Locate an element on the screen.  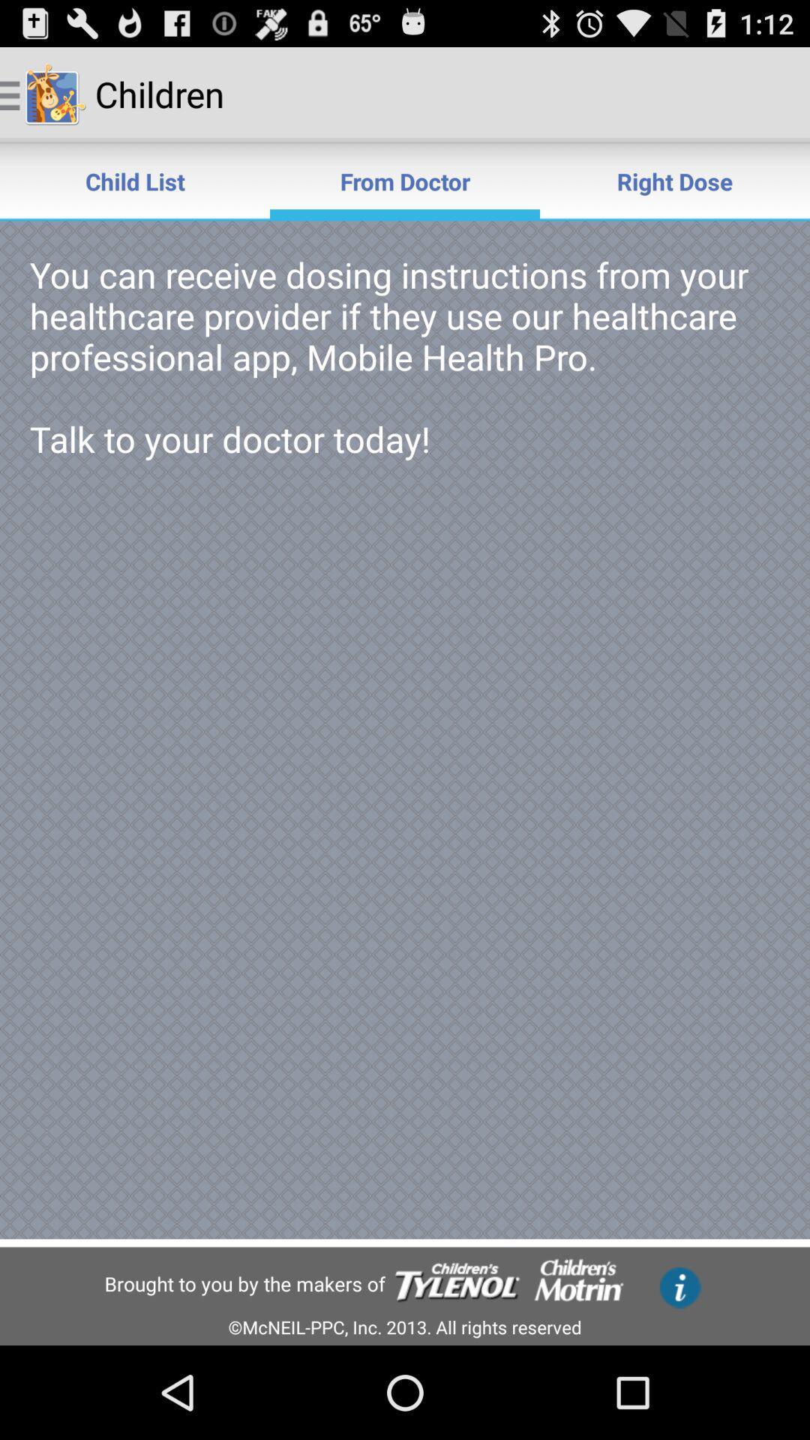
item to the right of the from doctor item is located at coordinates (673, 180).